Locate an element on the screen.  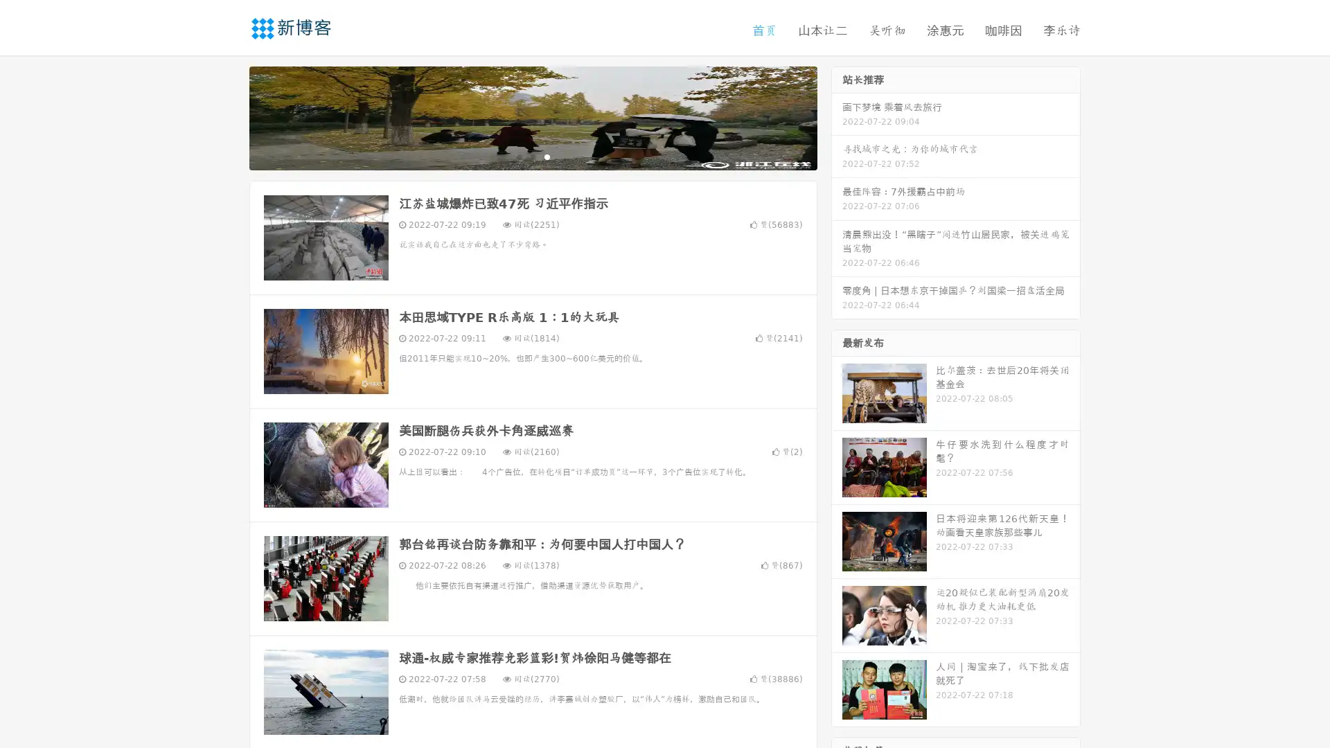
Go to slide 1 is located at coordinates (518, 156).